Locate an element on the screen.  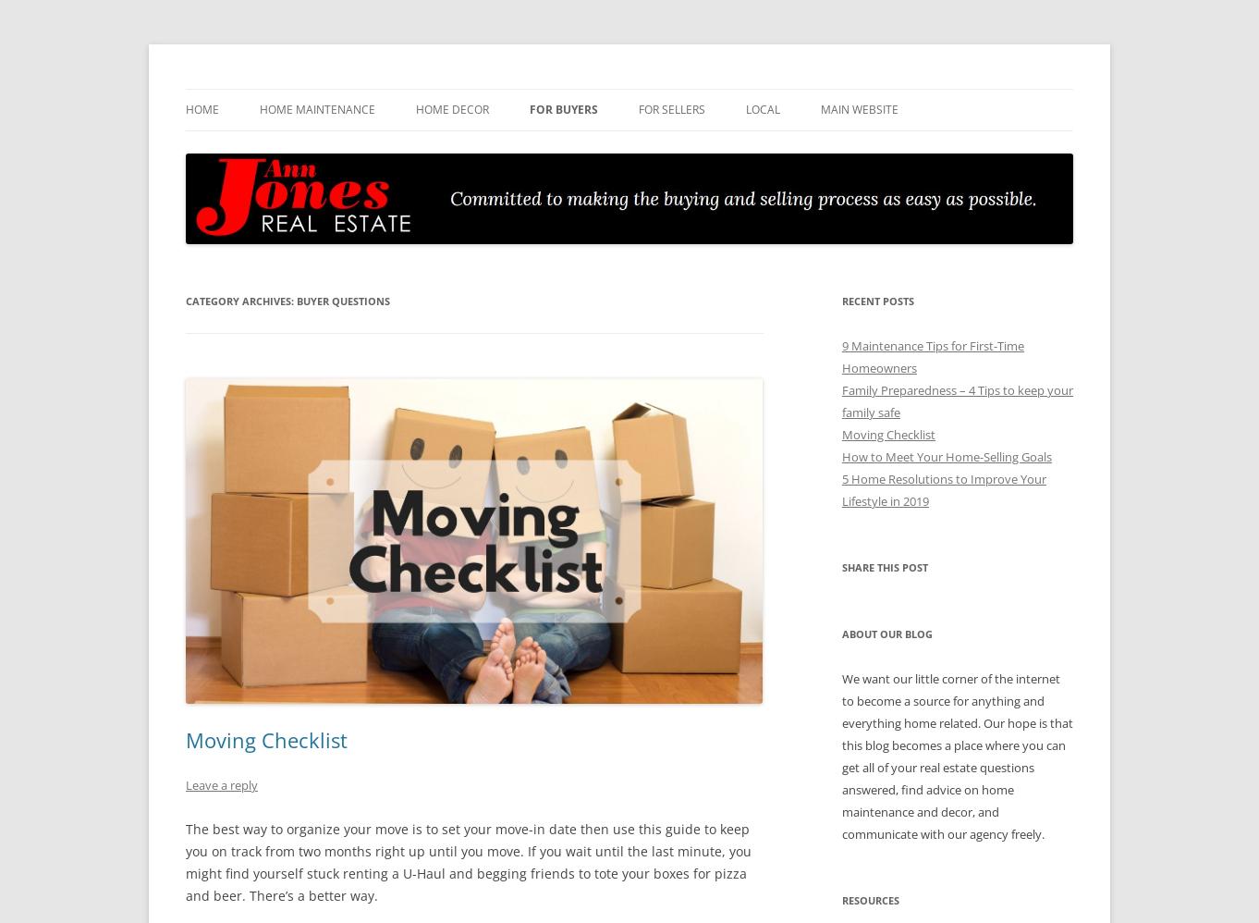
'9 Maintenance Tips for First-Time Homeowners' is located at coordinates (933, 356).